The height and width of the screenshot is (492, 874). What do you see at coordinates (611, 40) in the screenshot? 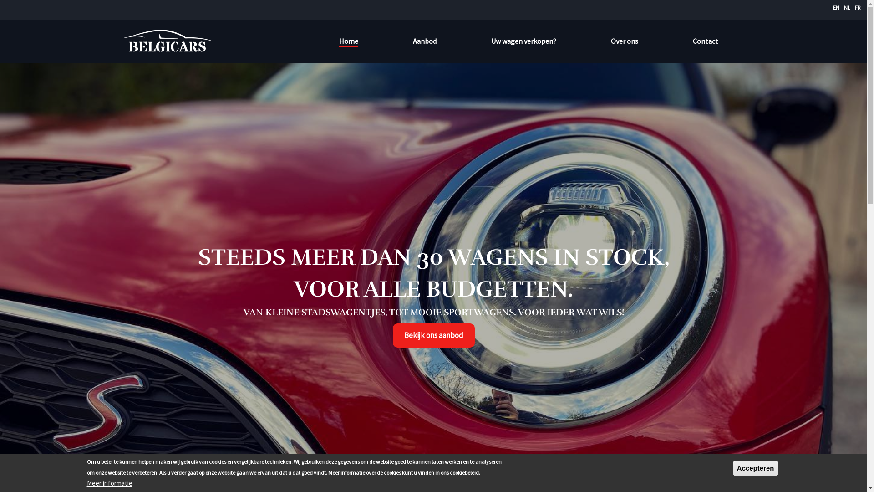
I see `'Over ons'` at bounding box center [611, 40].